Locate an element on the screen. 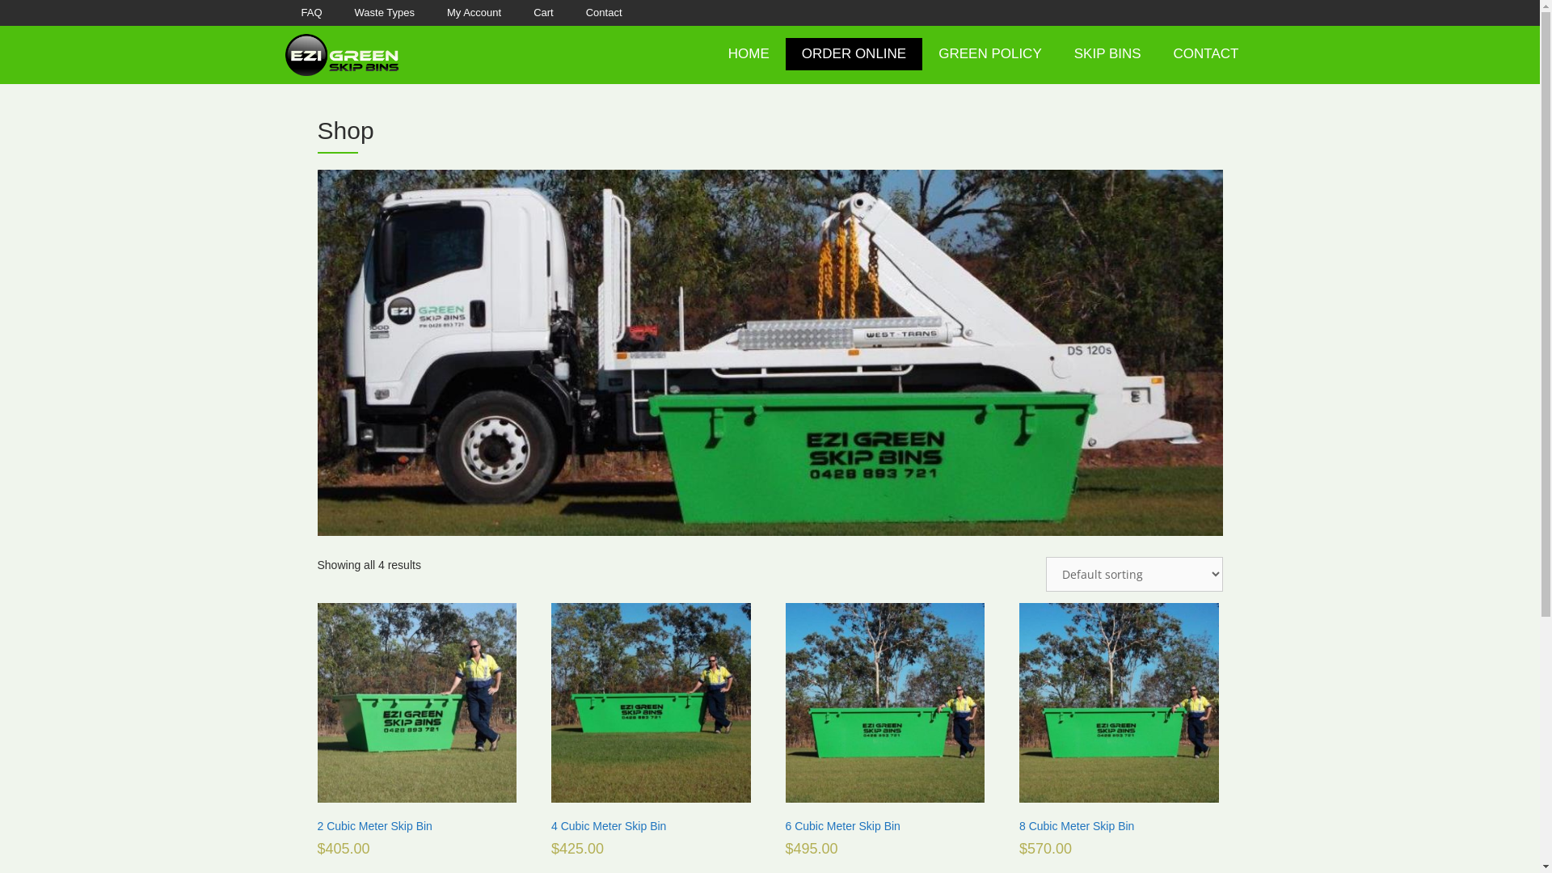  'HOME' is located at coordinates (748, 53).